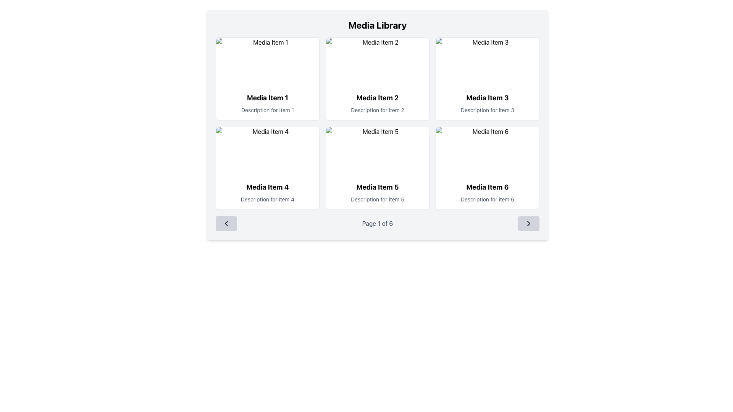 This screenshot has height=412, width=733. What do you see at coordinates (487, 79) in the screenshot?
I see `the media card component showcasing the media item in the first row, third column` at bounding box center [487, 79].